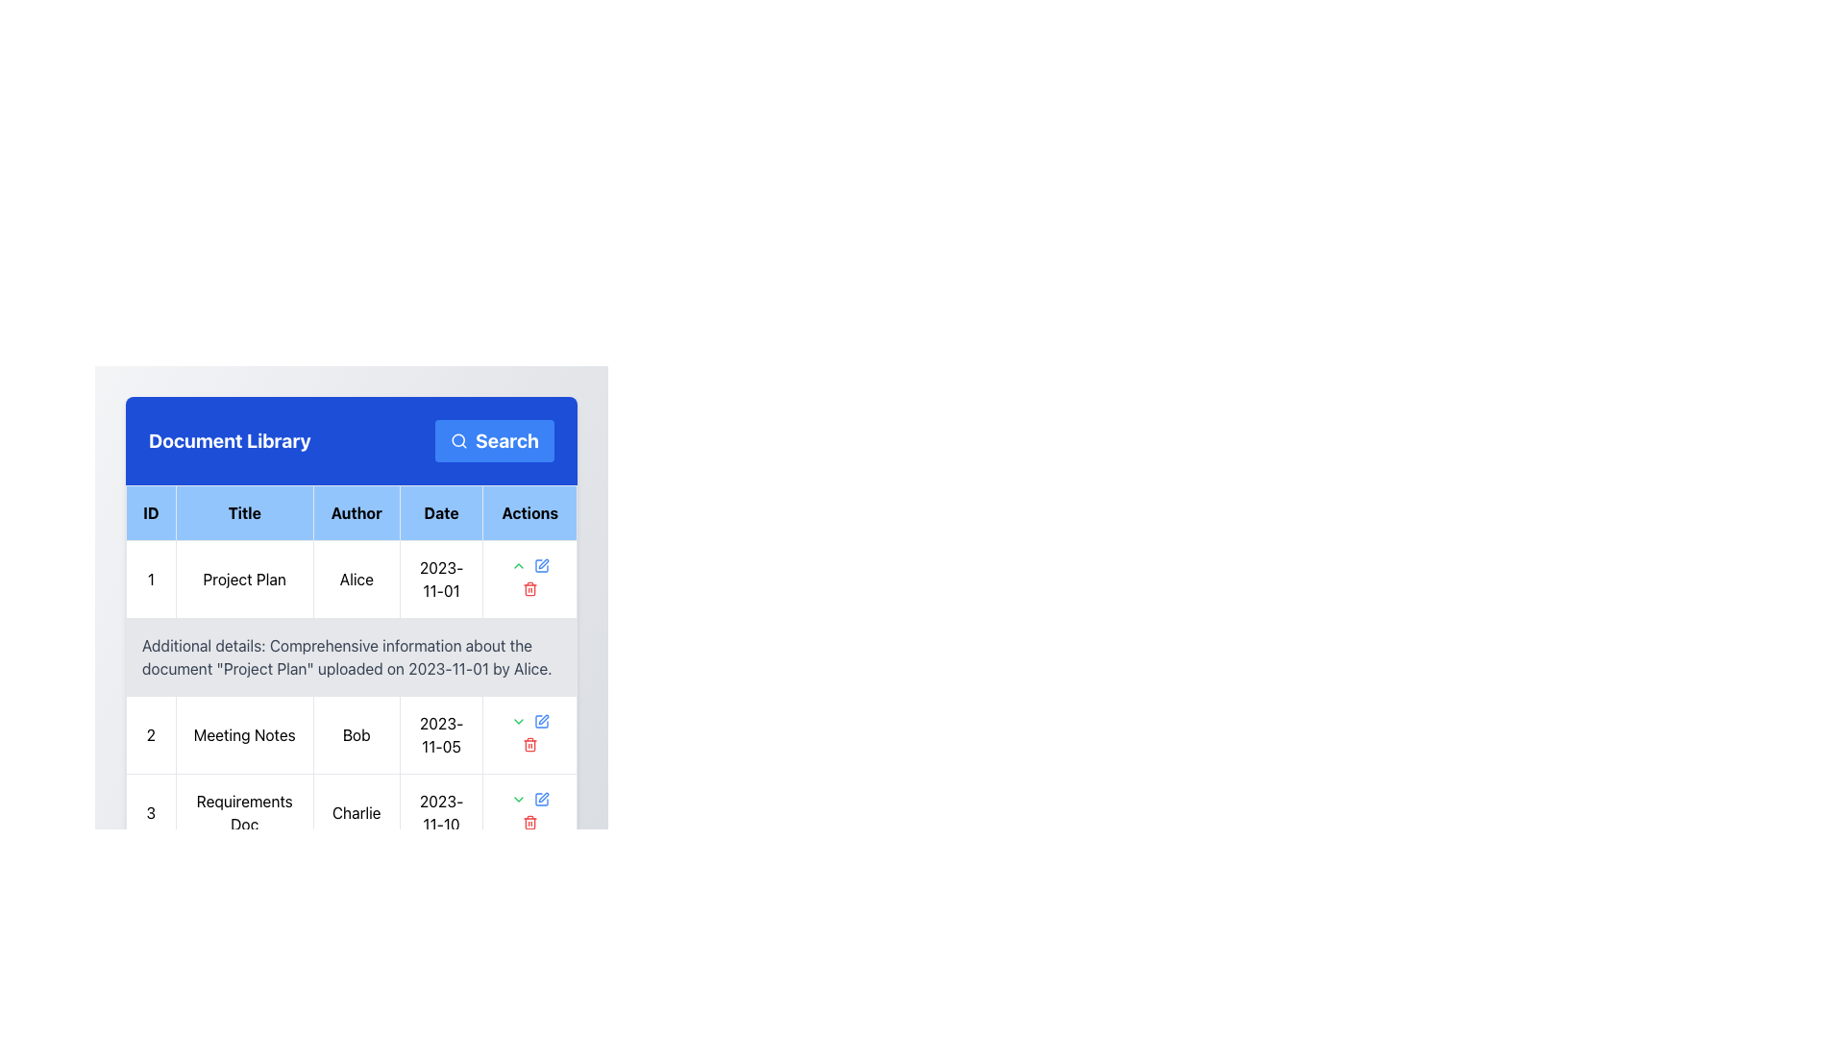 The image size is (1845, 1038). Describe the element at coordinates (540, 722) in the screenshot. I see `the pen icon button located in the 'Actions' column of the second row (Meeting Notes, Bob, 2023-11-05) to initiate editing` at that location.